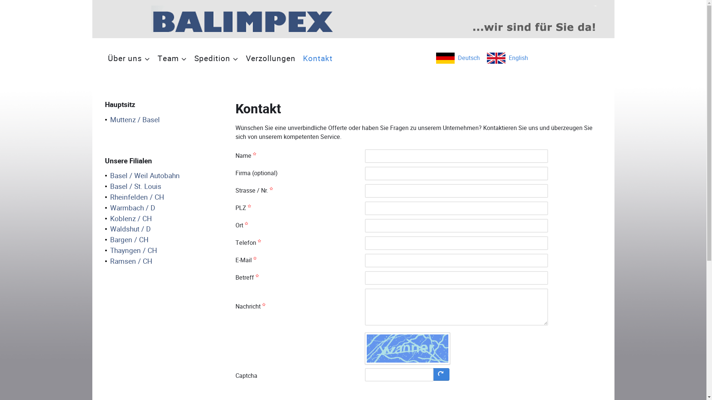 The width and height of the screenshot is (712, 400). I want to click on 'Rheinfelden / CH', so click(134, 197).